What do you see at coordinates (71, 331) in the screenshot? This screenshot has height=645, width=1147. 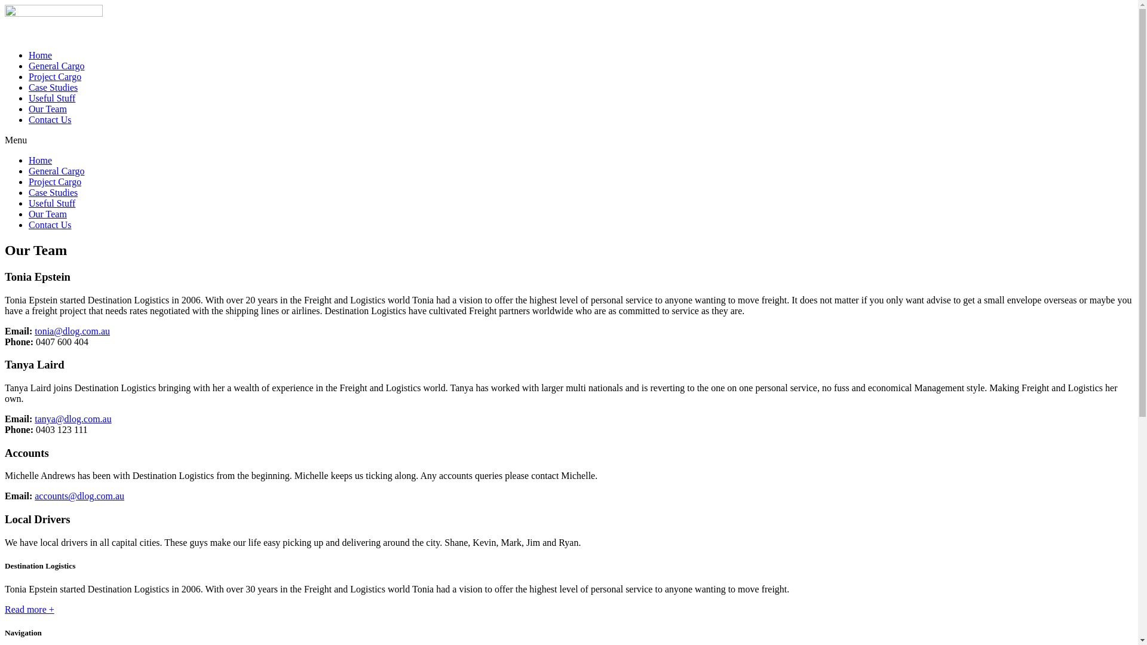 I see `'tonia@dlog.com.au'` at bounding box center [71, 331].